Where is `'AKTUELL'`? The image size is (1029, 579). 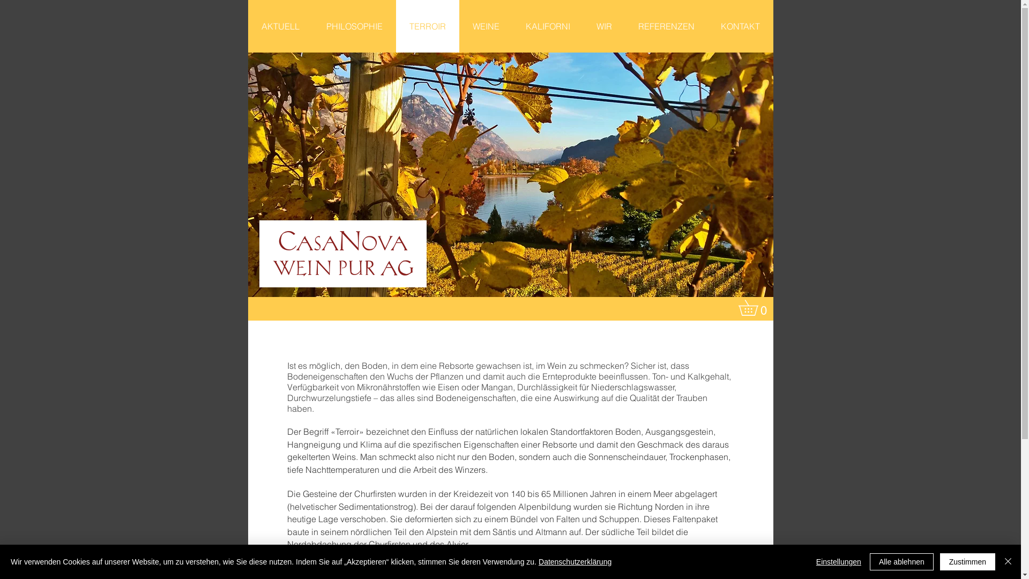 'AKTUELL' is located at coordinates (280, 26).